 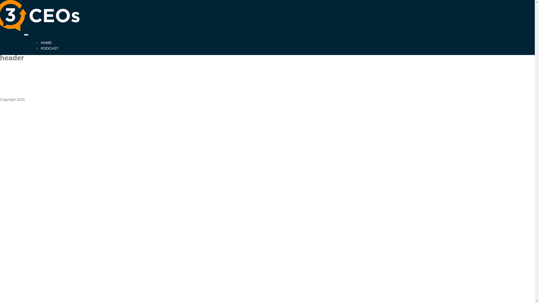 What do you see at coordinates (46, 42) in the screenshot?
I see `'HOME'` at bounding box center [46, 42].